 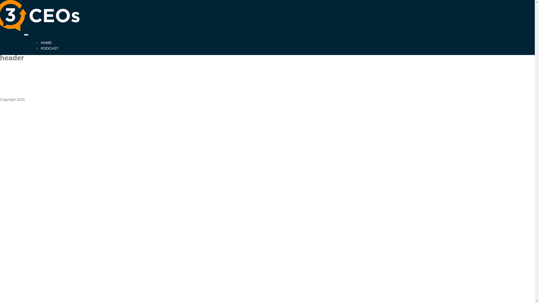 What do you see at coordinates (46, 42) in the screenshot?
I see `'HOME'` at bounding box center [46, 42].